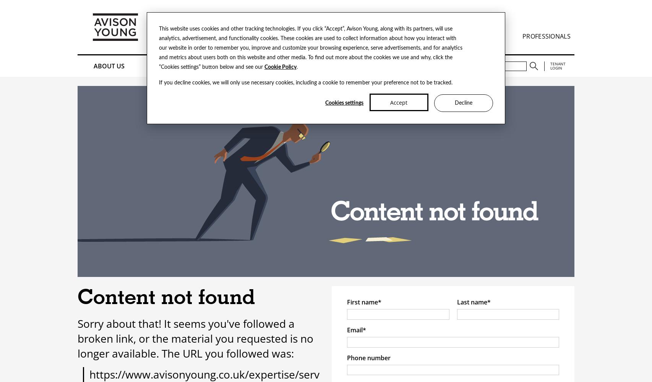  I want to click on 'Français', so click(205, 16).